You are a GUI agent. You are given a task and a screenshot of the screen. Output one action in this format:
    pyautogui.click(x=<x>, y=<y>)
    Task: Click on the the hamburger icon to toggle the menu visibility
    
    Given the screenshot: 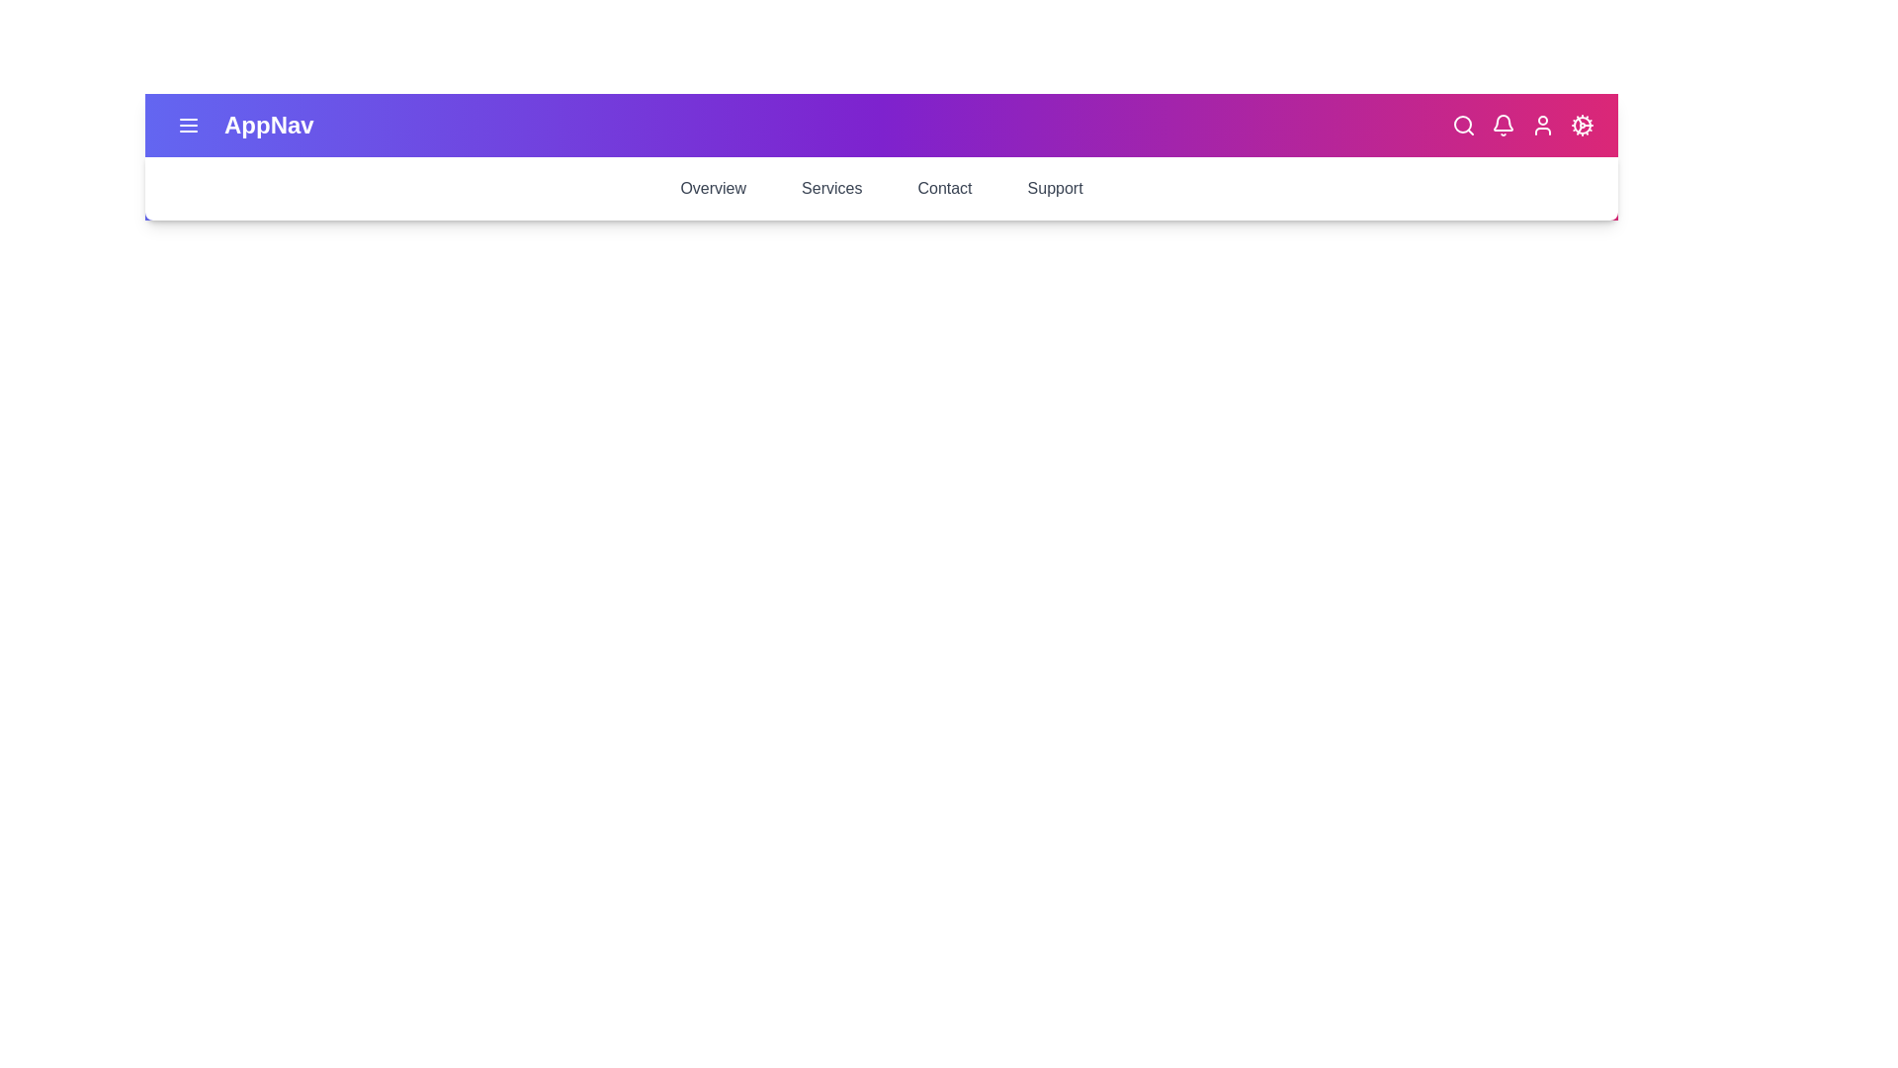 What is the action you would take?
    pyautogui.click(x=189, y=126)
    